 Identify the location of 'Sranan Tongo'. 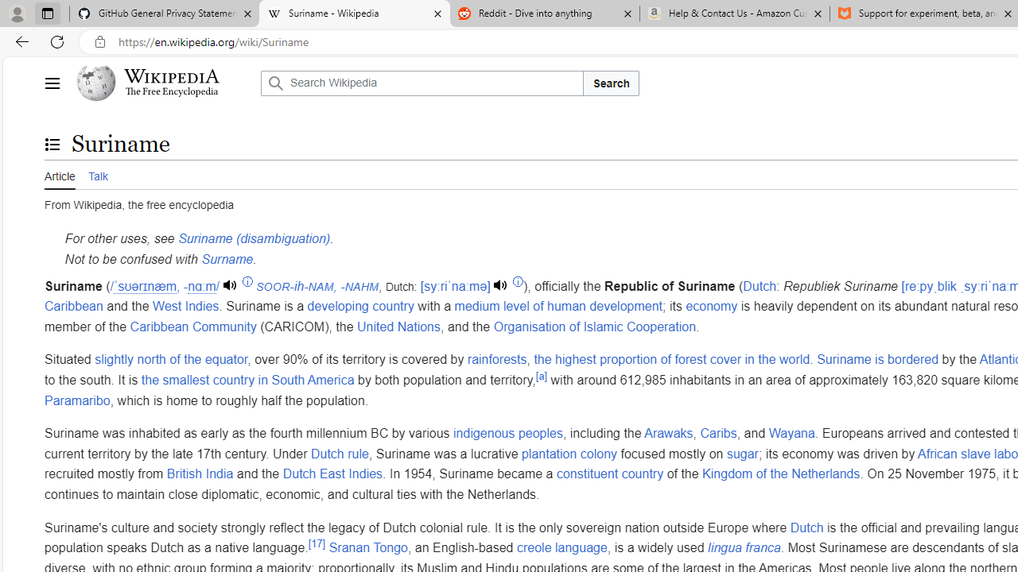
(367, 547).